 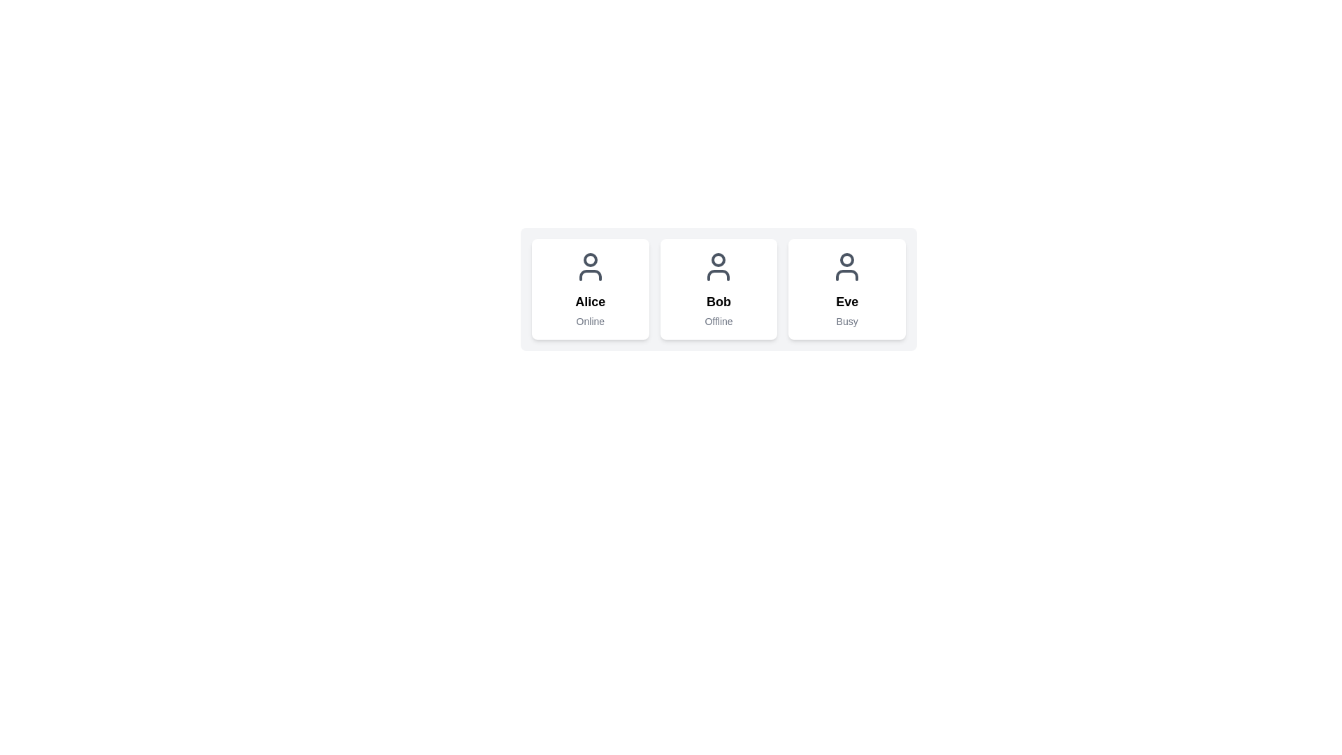 I want to click on the user profile icon located at the top center of the card labeled 'Eve', which is the rightmost card in a row of three similar user cards, so click(x=846, y=266).